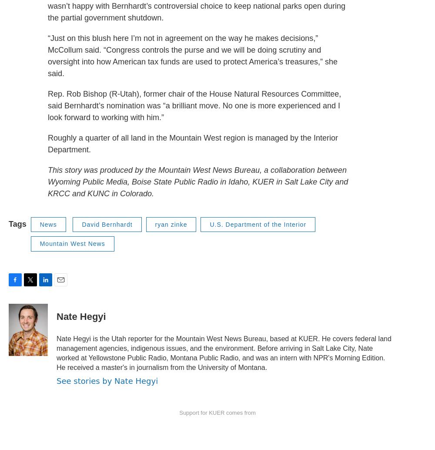 The image size is (435, 450). What do you see at coordinates (258, 224) in the screenshot?
I see `'U.S. Department of the Interior'` at bounding box center [258, 224].